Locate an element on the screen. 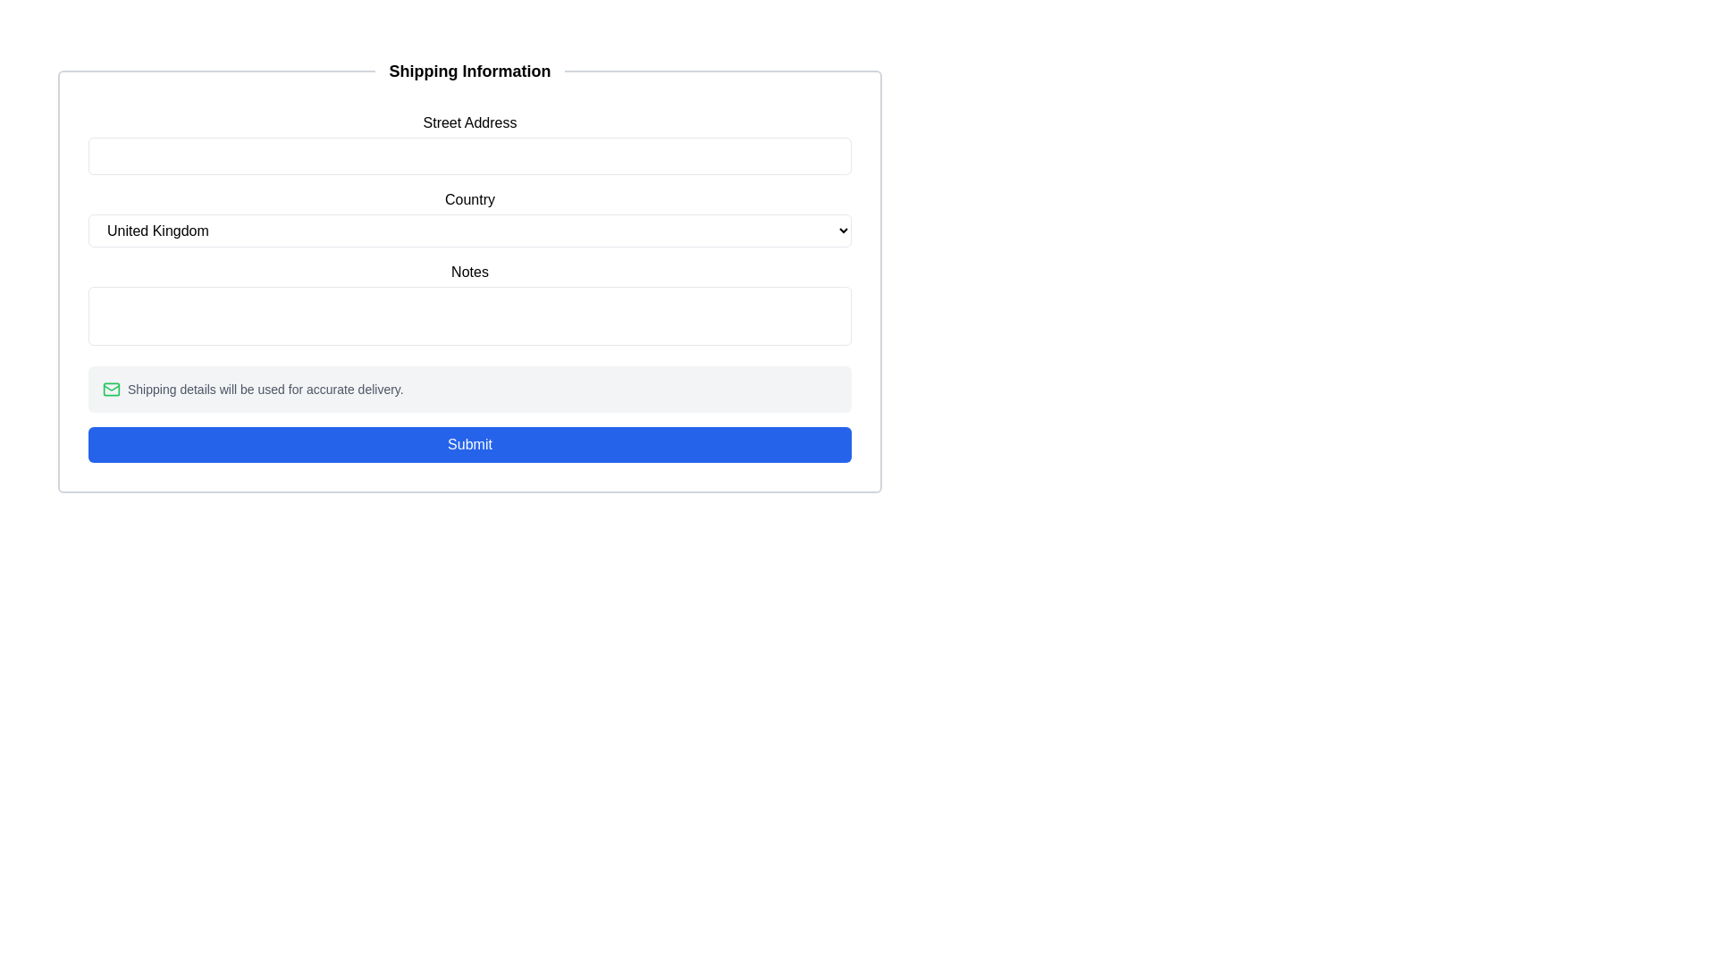  the street address input field located at the top of the shipping form for visual feedback is located at coordinates (470, 143).